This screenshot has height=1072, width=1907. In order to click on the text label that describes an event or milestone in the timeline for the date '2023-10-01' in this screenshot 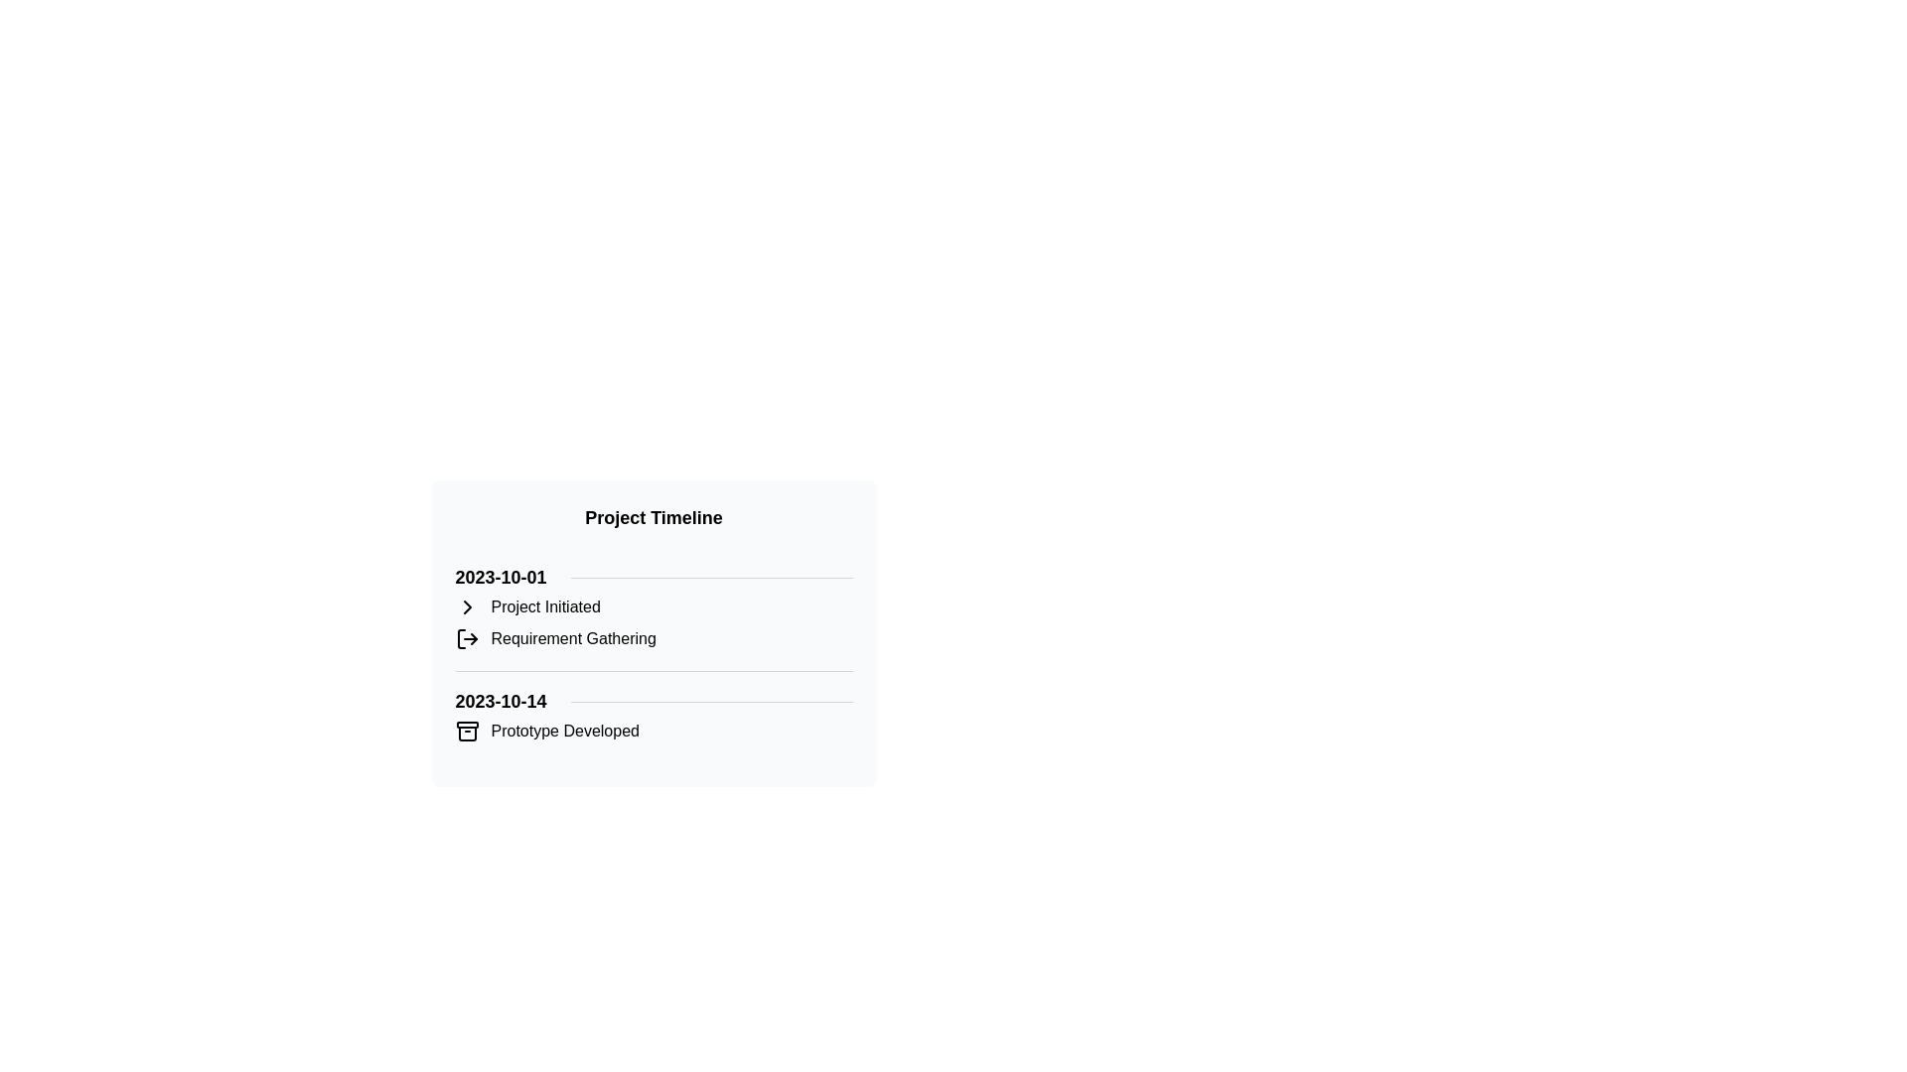, I will do `click(572, 639)`.